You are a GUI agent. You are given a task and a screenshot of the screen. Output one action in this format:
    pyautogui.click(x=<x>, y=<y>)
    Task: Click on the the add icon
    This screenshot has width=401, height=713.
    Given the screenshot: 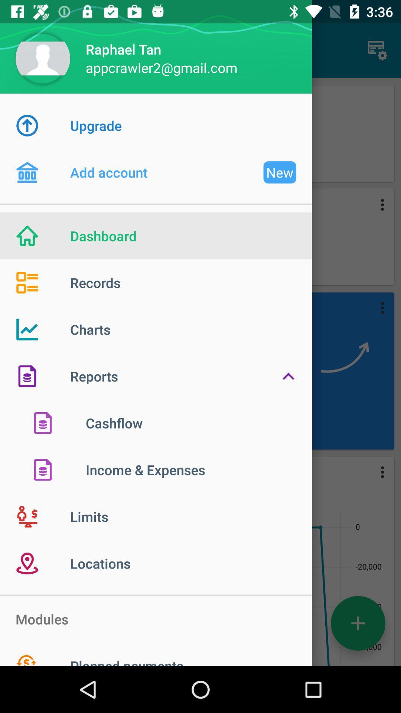 What is the action you would take?
    pyautogui.click(x=358, y=623)
    